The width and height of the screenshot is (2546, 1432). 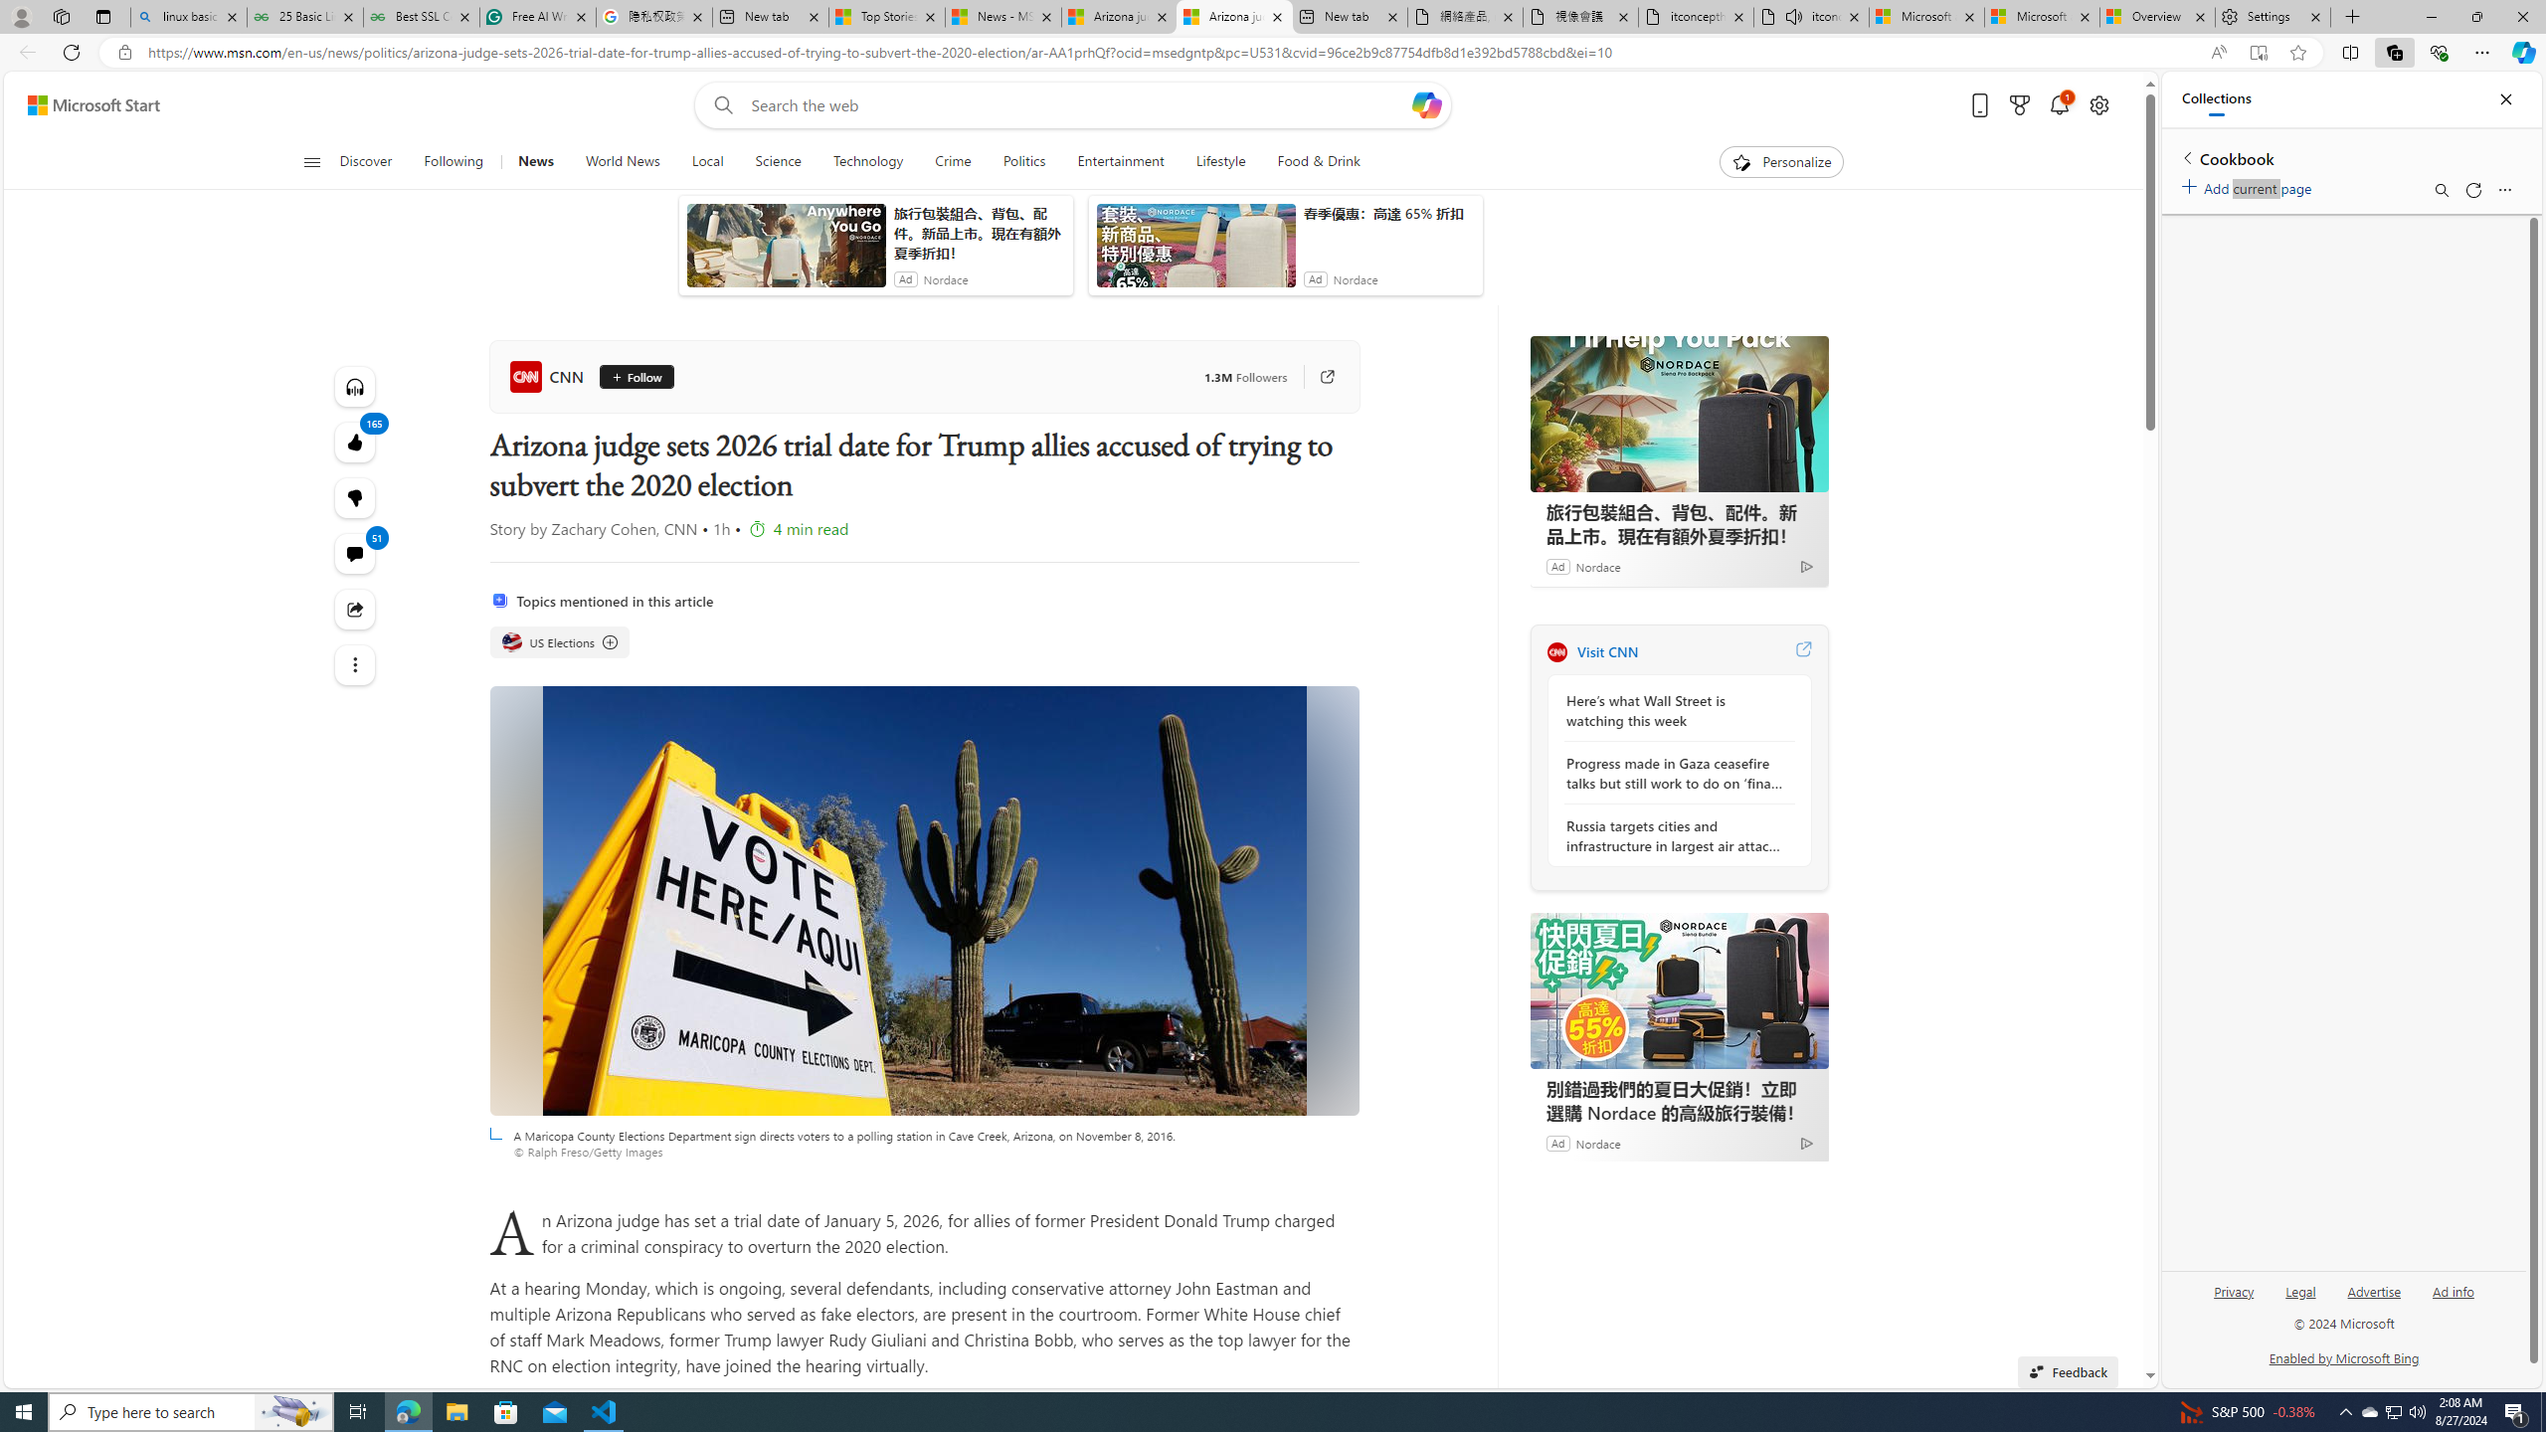 I want to click on 'anim-content', so click(x=1193, y=252).